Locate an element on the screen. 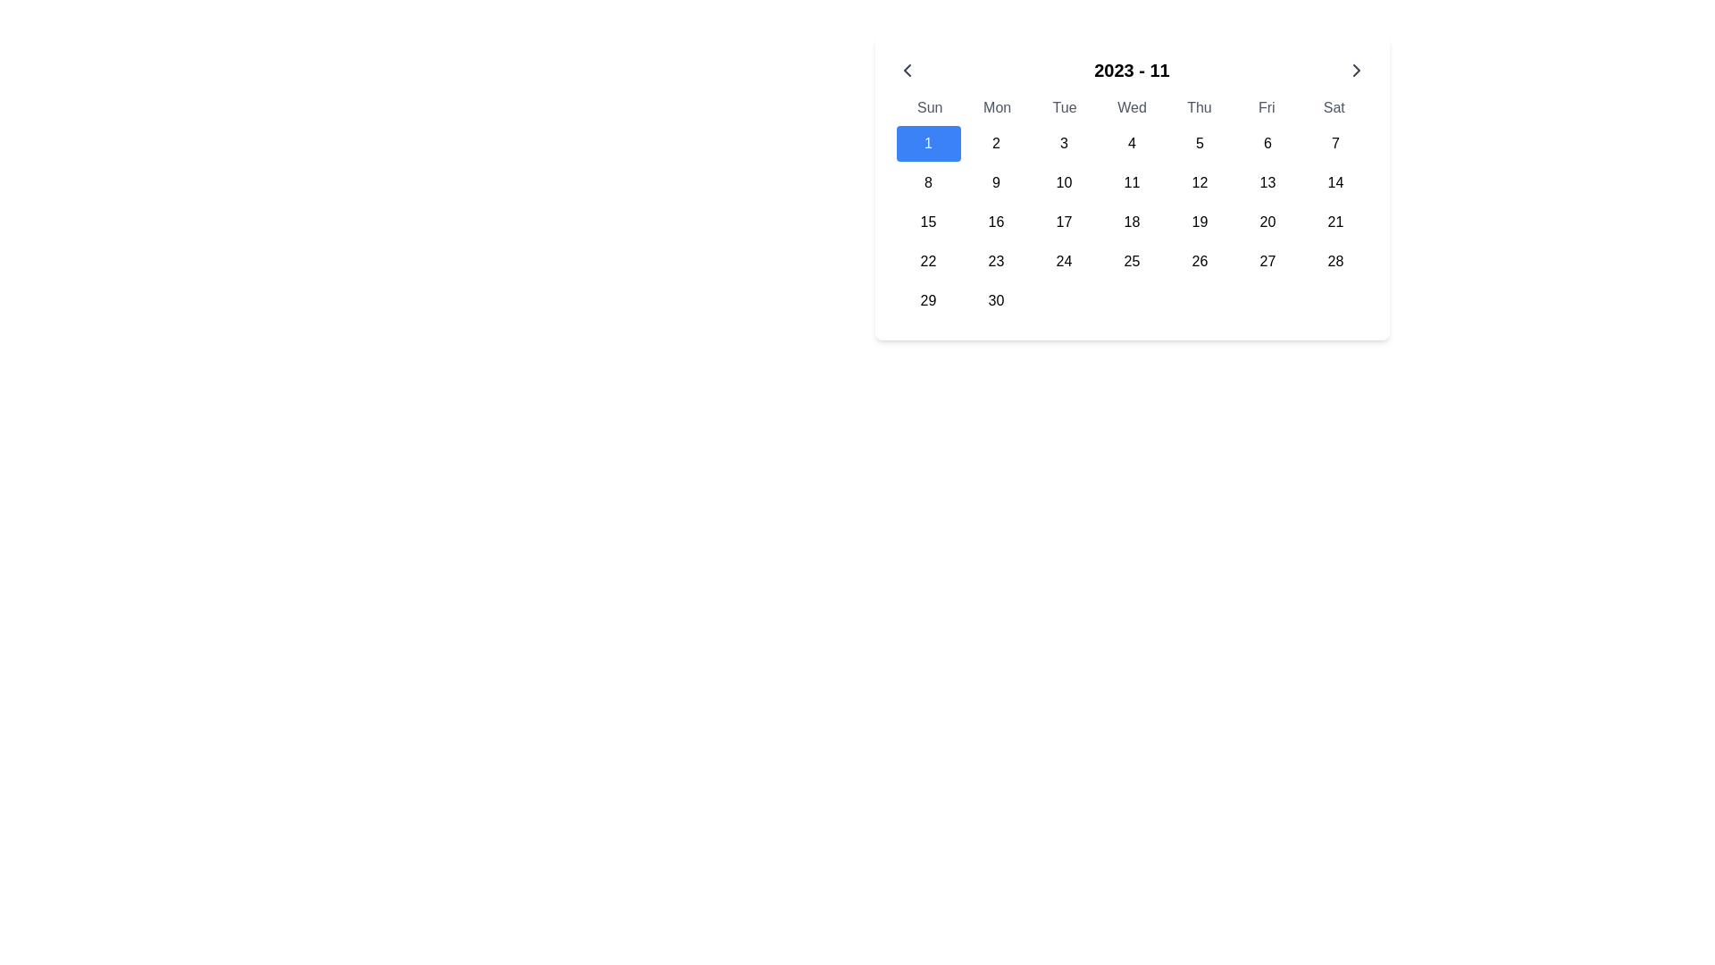 This screenshot has height=965, width=1715. the interactive date selection button for the 25th day of the month in the calendar view is located at coordinates (1131, 262).